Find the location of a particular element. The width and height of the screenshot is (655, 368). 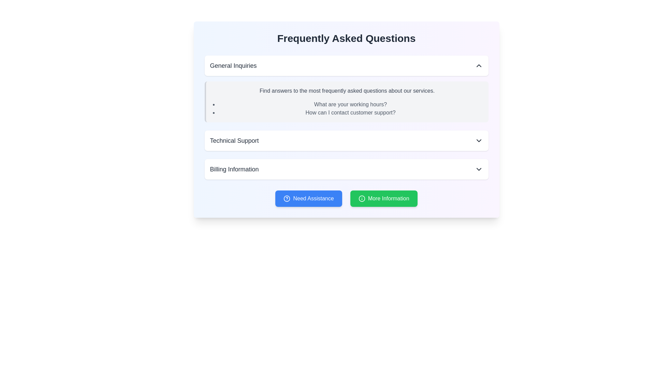

the expandable toggle button for the 'General Inquiries' section is located at coordinates (346, 65).